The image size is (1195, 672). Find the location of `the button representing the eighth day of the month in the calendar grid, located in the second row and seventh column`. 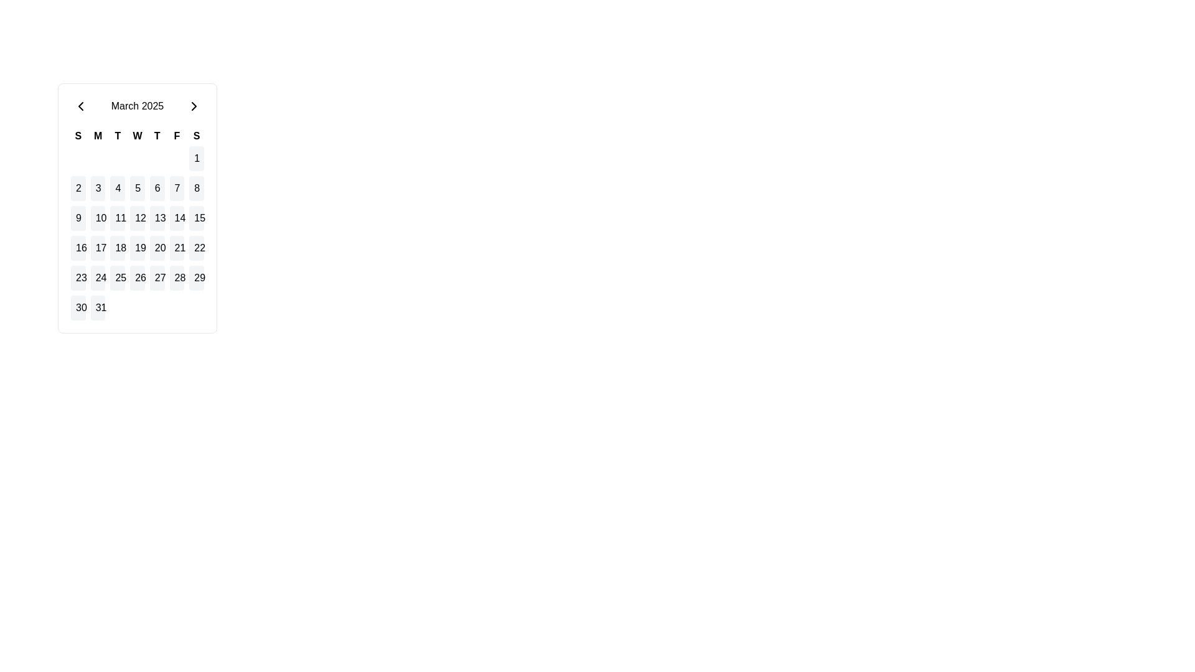

the button representing the eighth day of the month in the calendar grid, located in the second row and seventh column is located at coordinates (196, 189).